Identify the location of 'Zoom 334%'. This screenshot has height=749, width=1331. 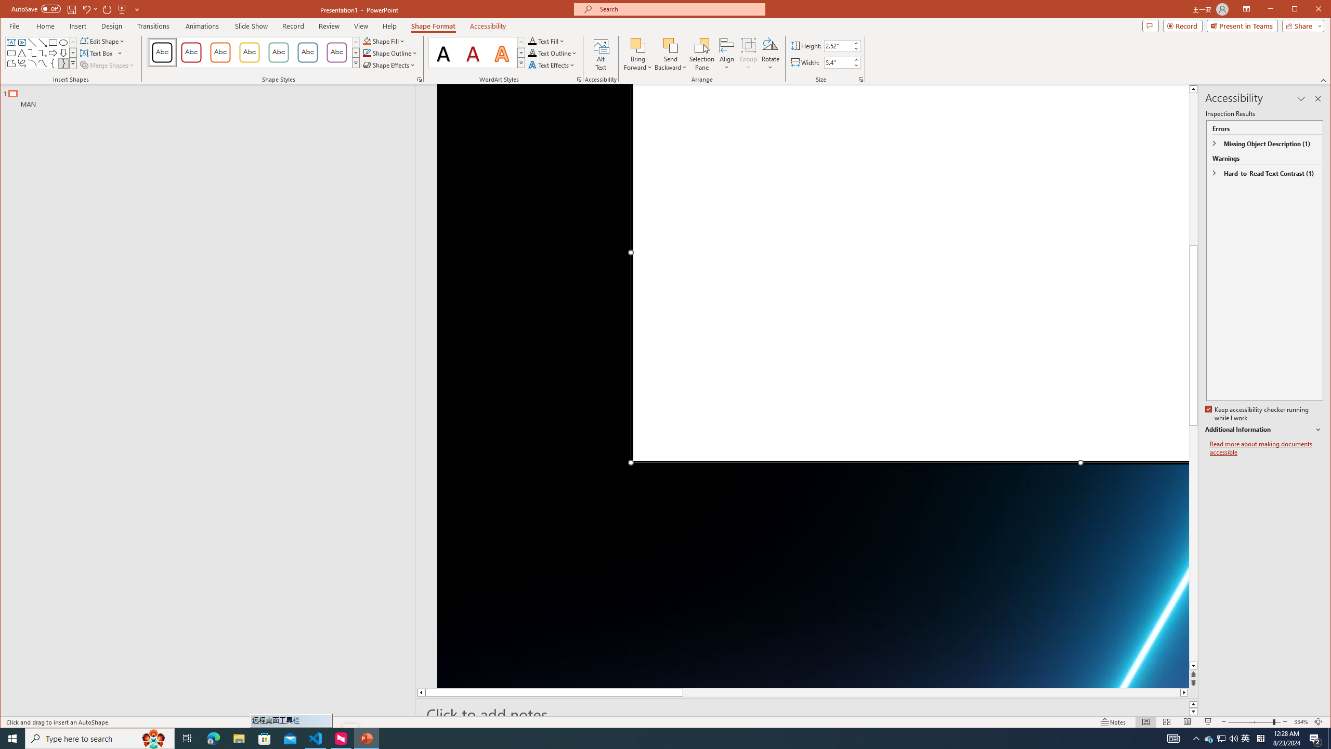
(1301, 721).